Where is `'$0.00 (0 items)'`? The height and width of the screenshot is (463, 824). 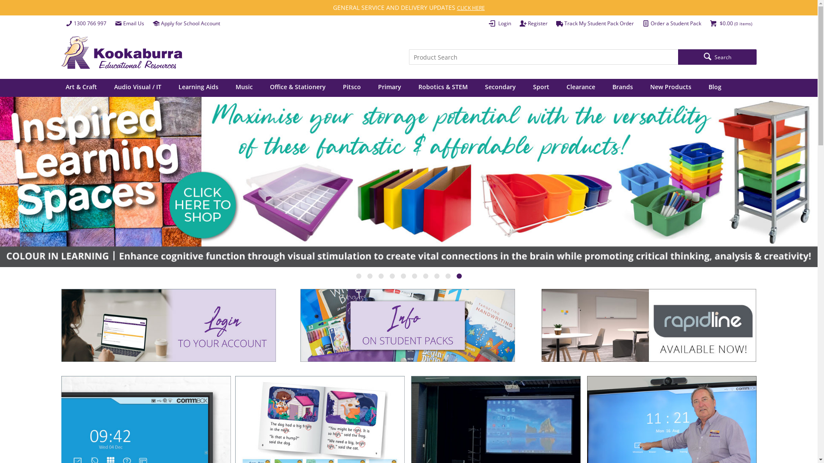
'$0.00 (0 items)' is located at coordinates (705, 23).